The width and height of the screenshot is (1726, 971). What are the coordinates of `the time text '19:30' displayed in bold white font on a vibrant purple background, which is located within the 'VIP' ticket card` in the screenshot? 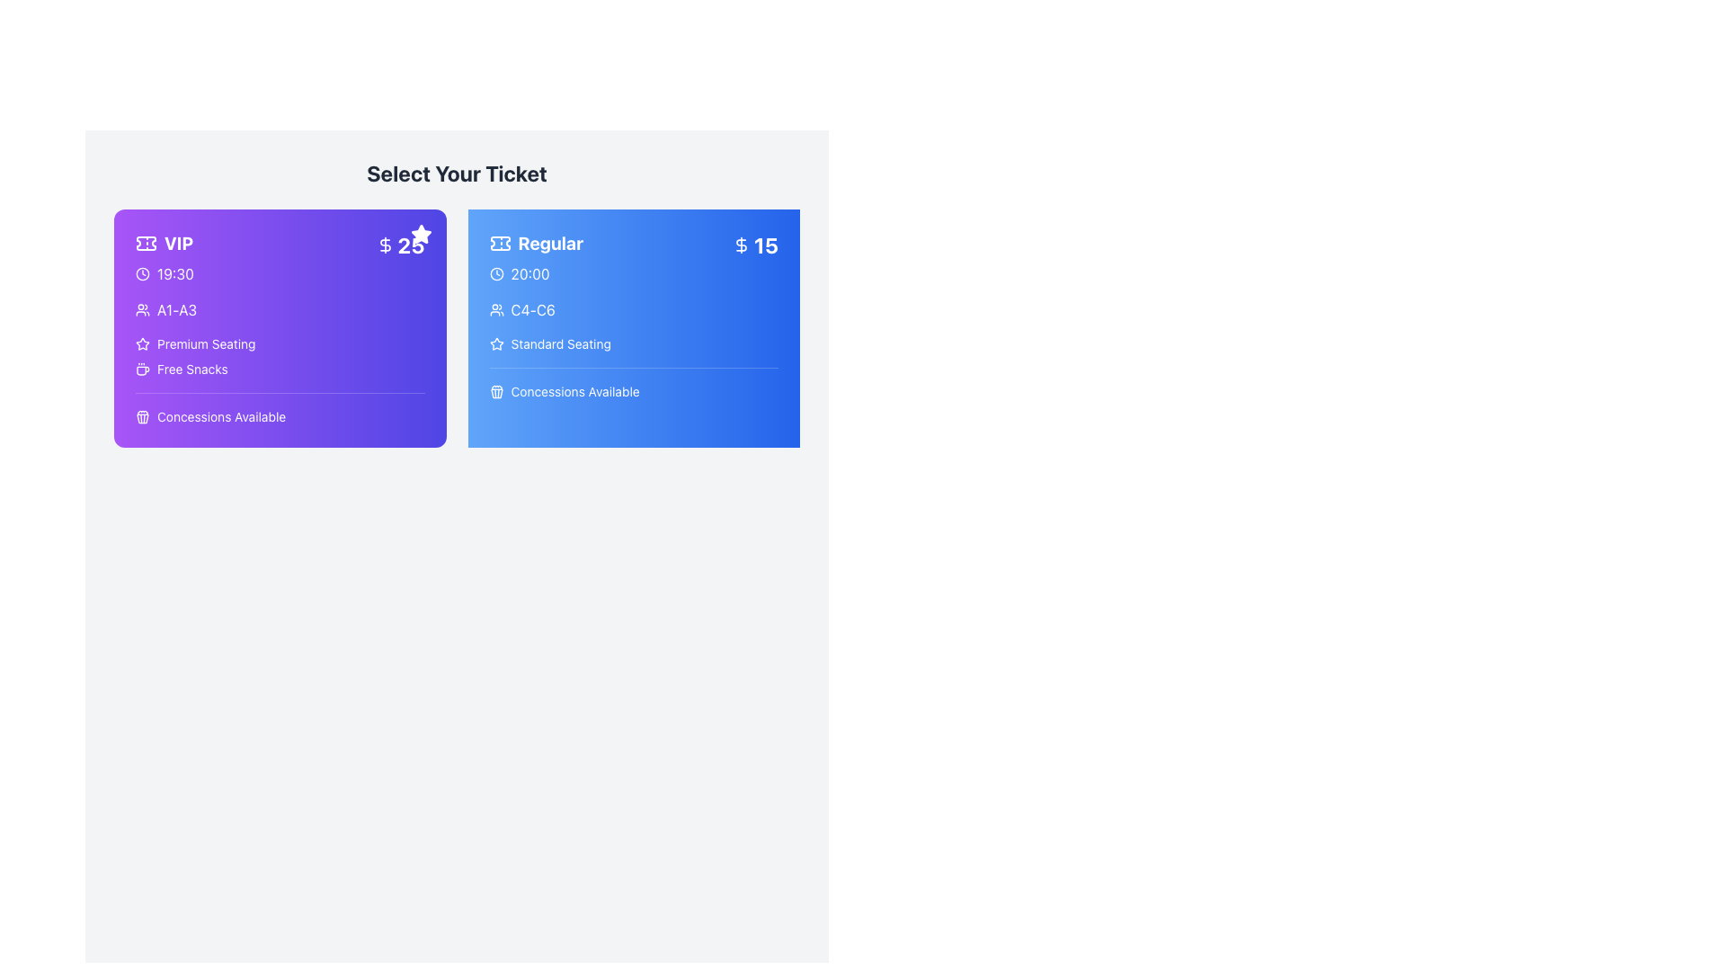 It's located at (165, 273).